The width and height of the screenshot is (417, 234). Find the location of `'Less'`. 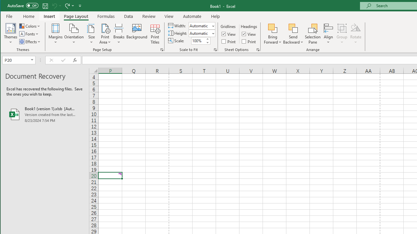

'Less' is located at coordinates (207, 42).